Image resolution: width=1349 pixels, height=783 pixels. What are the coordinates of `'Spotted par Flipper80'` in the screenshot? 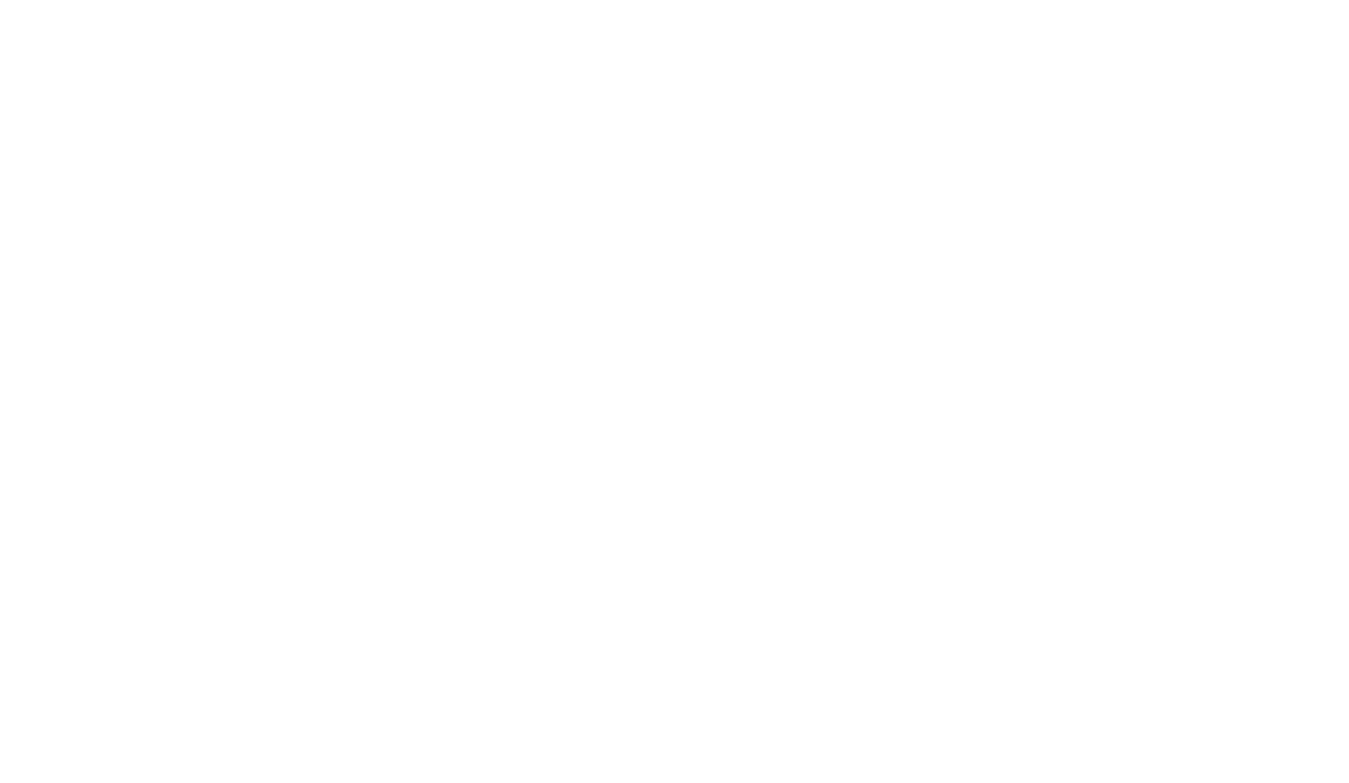 It's located at (961, 409).